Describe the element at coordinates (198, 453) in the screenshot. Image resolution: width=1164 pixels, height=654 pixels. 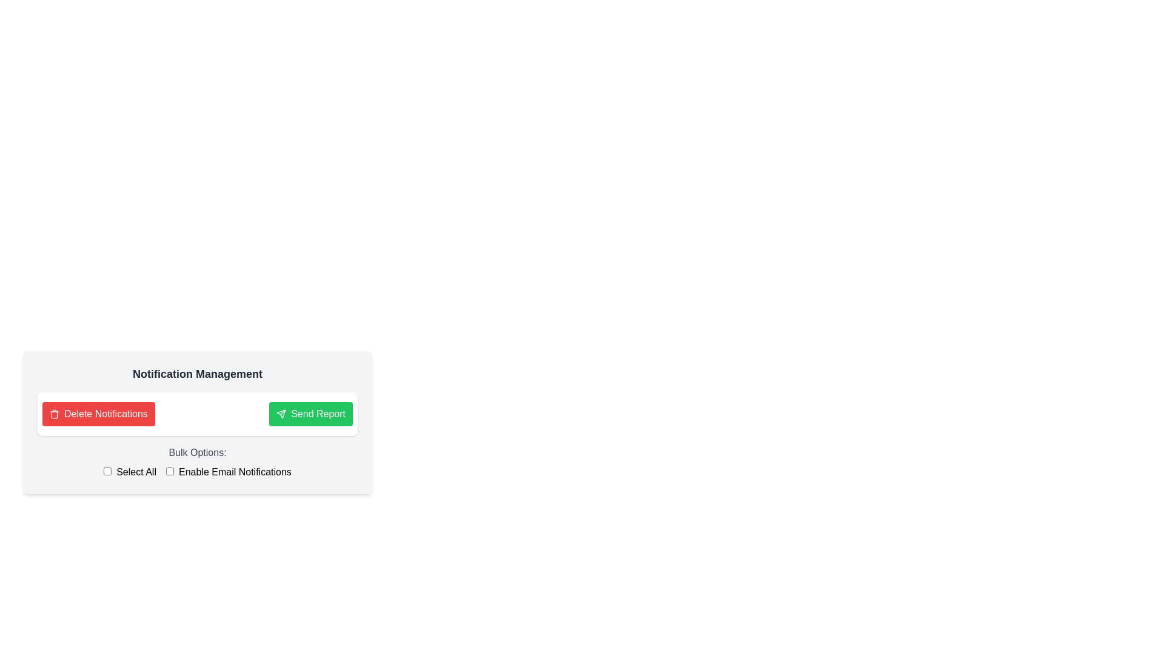
I see `the text label displaying 'Bulk Options:' which is styled in gray and positioned above the checkboxes 'Select All' and 'Enable Email Notifications'` at that location.